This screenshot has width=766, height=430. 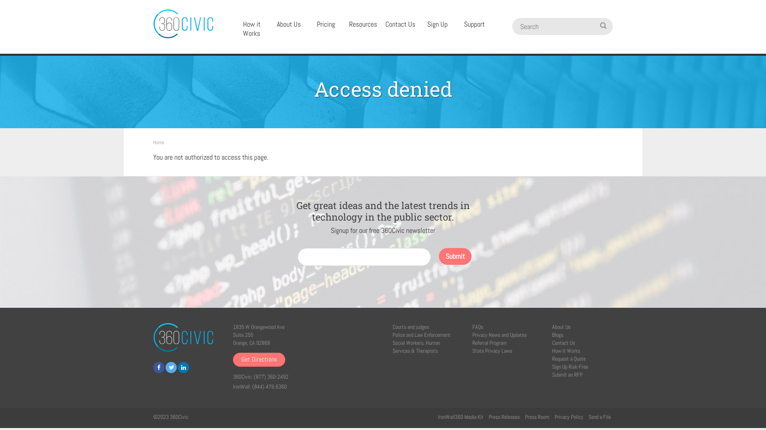 I want to click on 'Support', so click(x=474, y=24).